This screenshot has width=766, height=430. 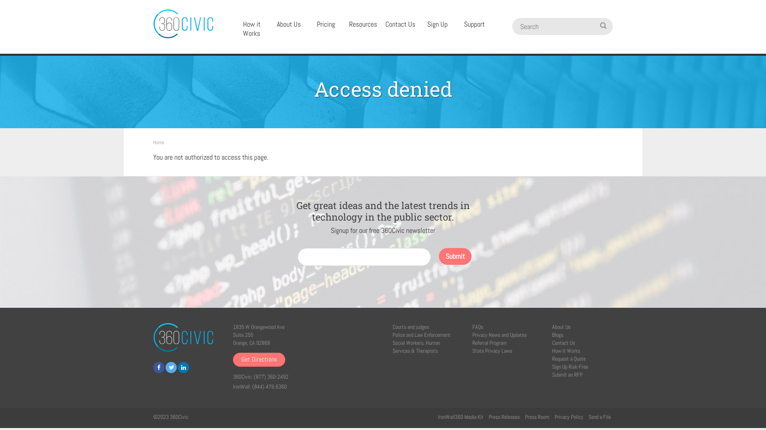 I want to click on 'Support', so click(x=474, y=24).